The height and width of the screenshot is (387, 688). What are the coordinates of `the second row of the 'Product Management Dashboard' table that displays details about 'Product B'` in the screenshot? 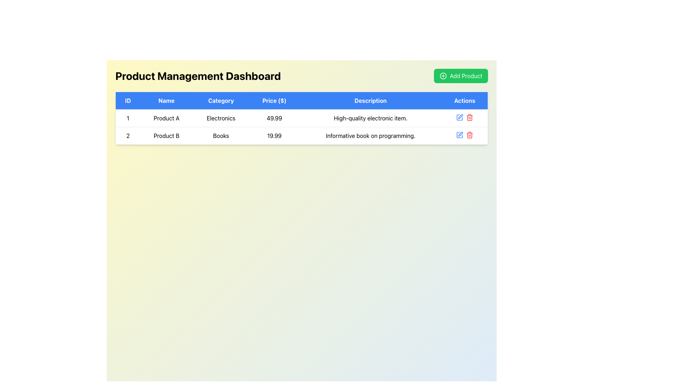 It's located at (301, 135).